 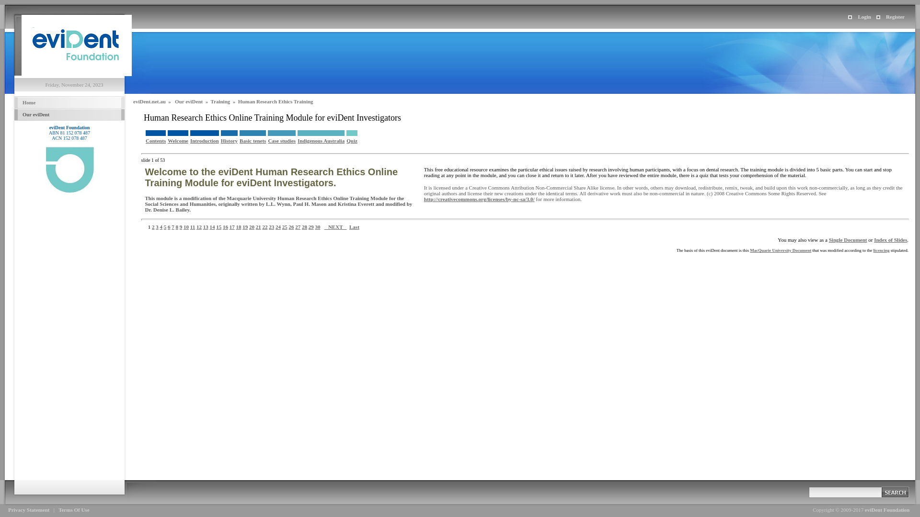 I want to click on 'Contents', so click(x=156, y=140).